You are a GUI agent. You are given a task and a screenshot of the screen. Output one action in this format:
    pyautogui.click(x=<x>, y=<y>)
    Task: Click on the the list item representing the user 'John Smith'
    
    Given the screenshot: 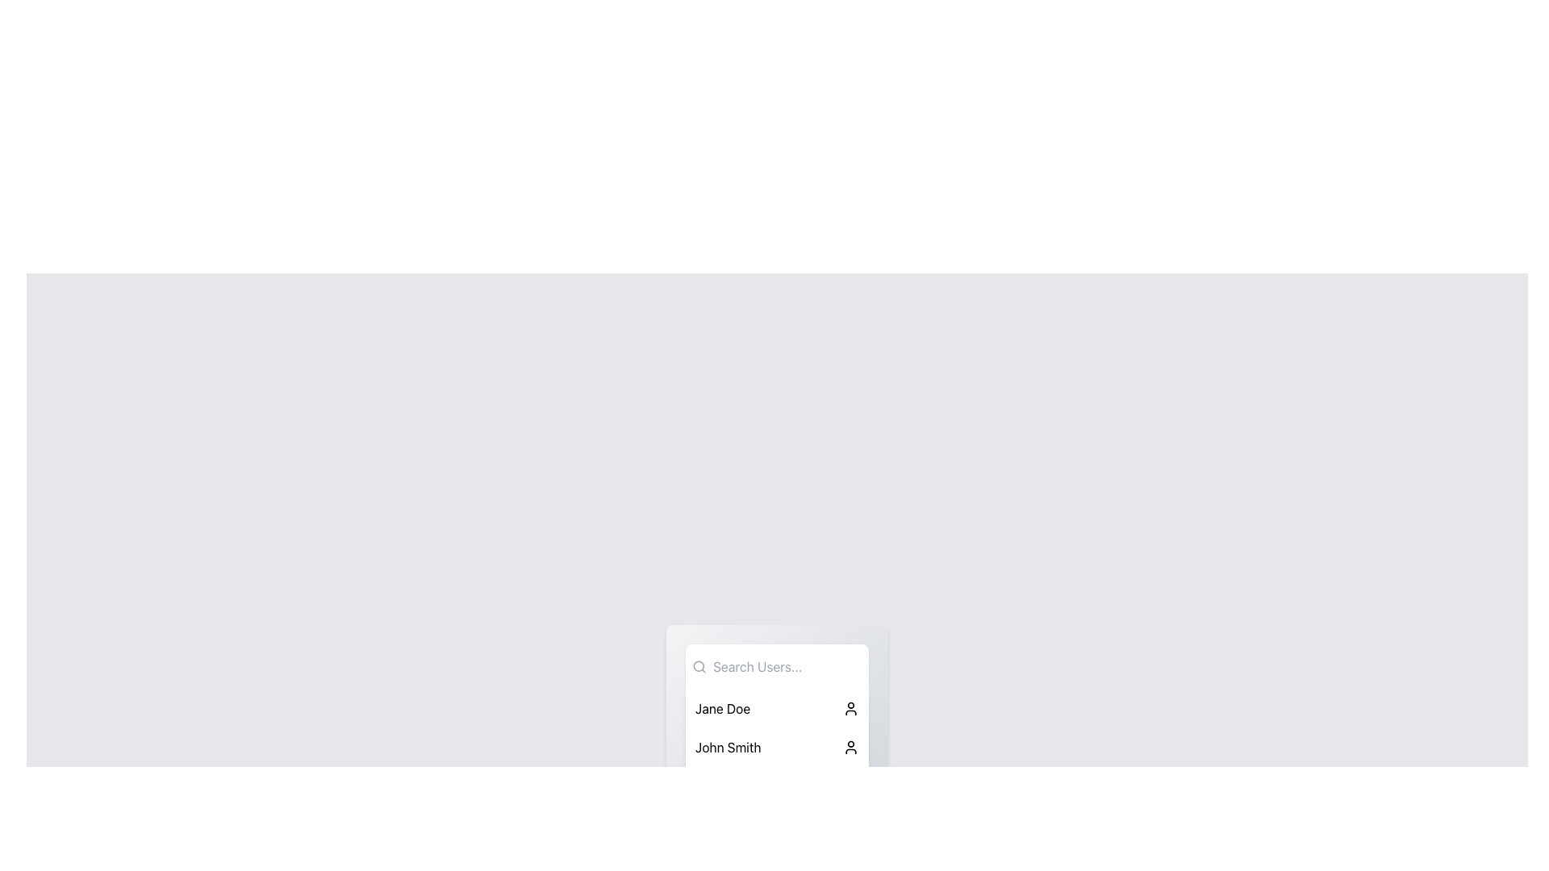 What is the action you would take?
    pyautogui.click(x=777, y=747)
    